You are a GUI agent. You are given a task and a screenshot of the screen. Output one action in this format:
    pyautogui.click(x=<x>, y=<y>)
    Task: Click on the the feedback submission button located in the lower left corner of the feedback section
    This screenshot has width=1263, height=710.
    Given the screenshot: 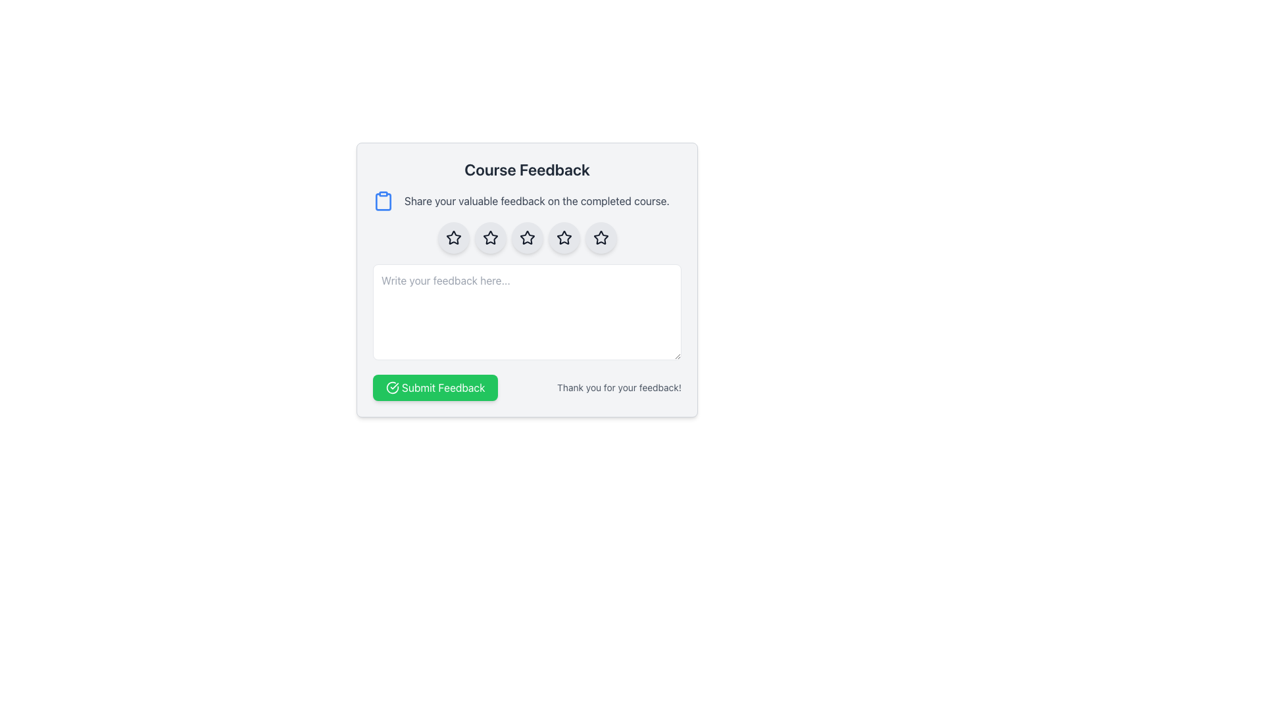 What is the action you would take?
    pyautogui.click(x=435, y=387)
    